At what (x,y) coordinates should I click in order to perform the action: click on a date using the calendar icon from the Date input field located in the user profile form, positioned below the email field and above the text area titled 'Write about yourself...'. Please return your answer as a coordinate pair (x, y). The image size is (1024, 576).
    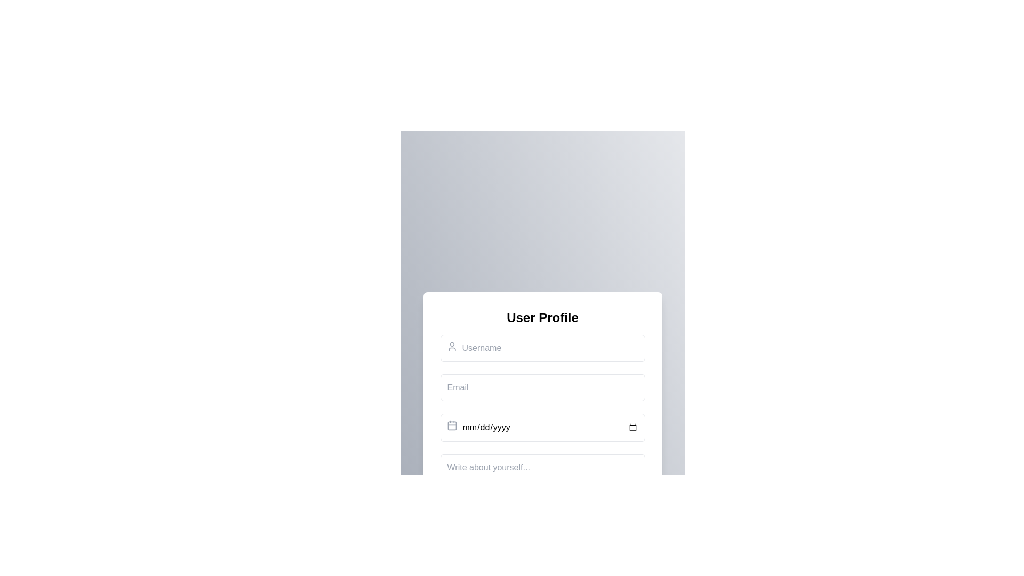
    Looking at the image, I should click on (542, 427).